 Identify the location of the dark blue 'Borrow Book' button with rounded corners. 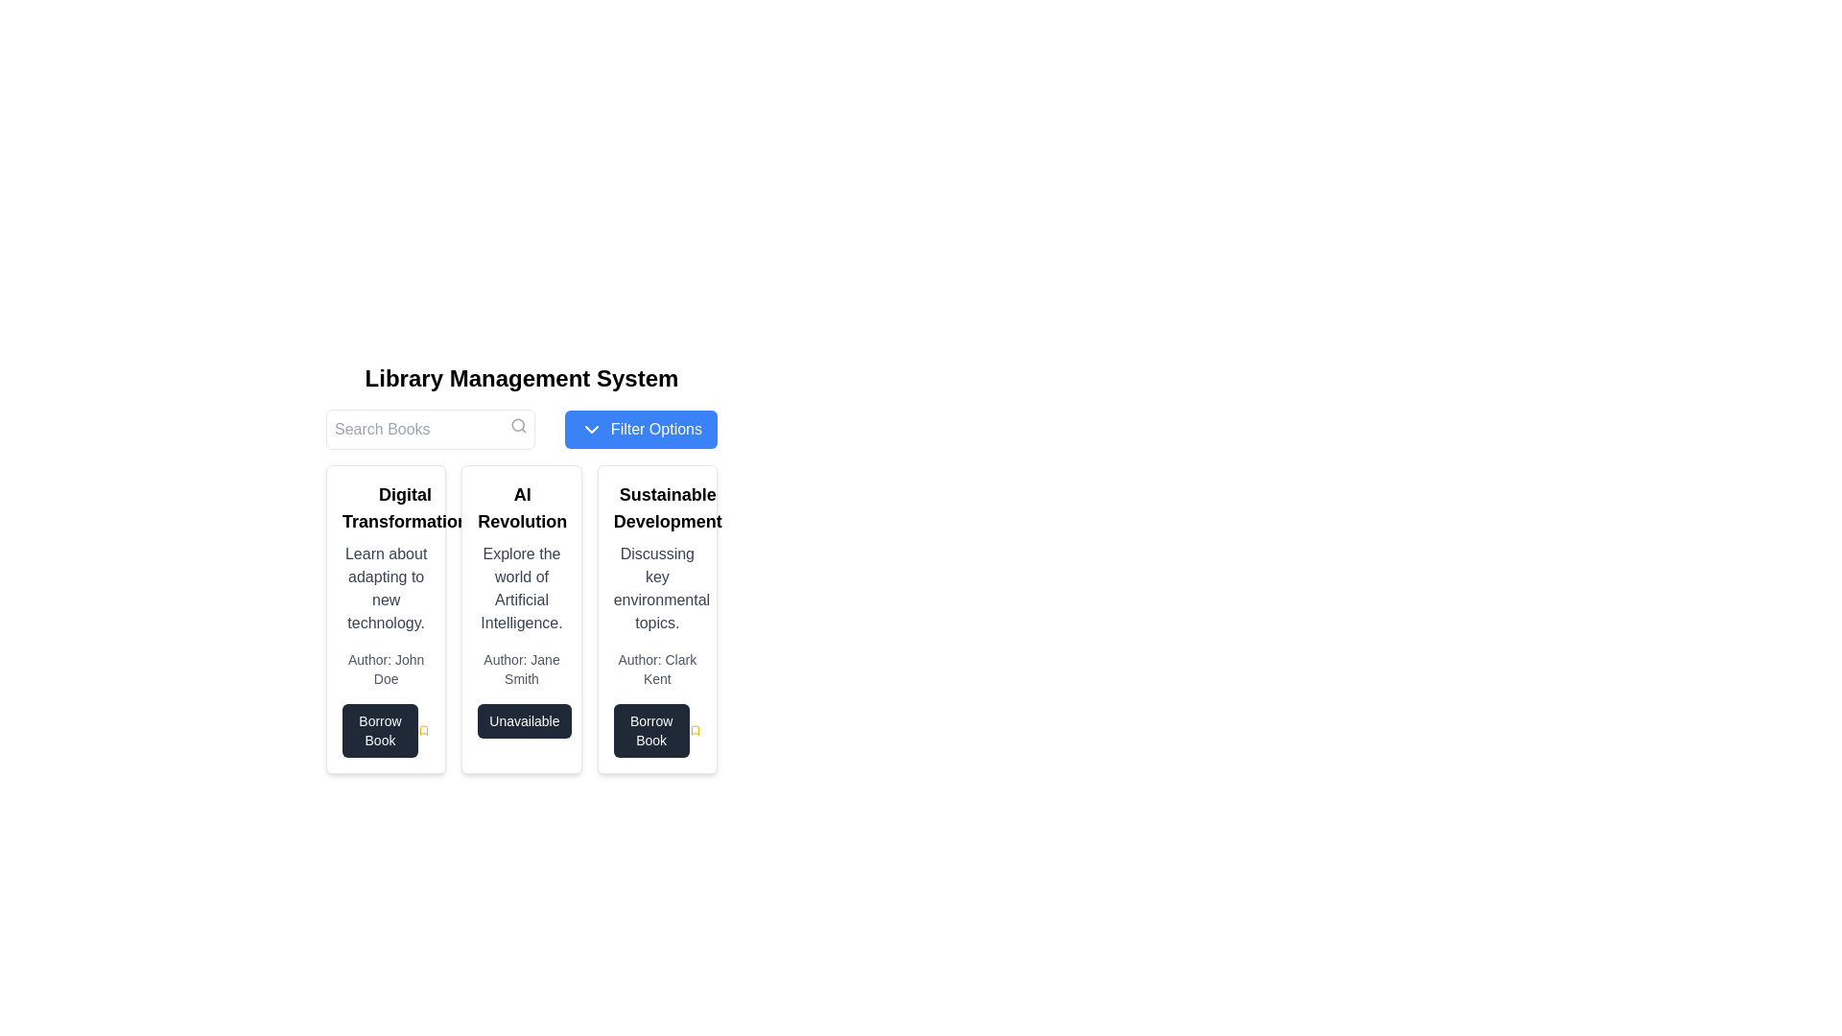
(385, 731).